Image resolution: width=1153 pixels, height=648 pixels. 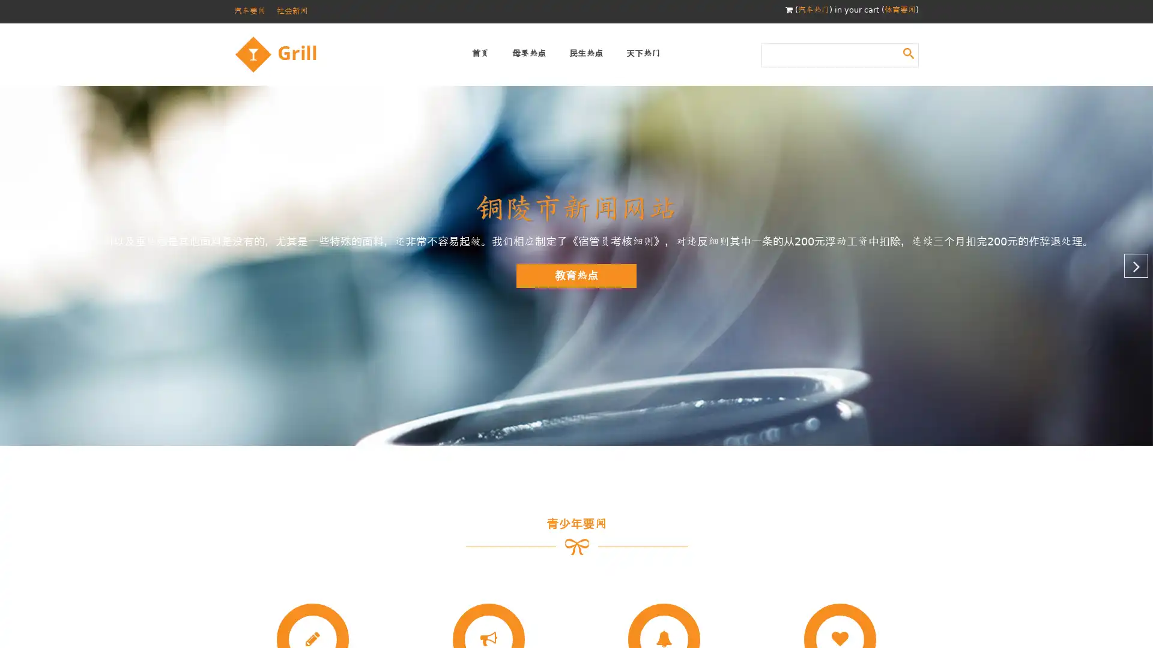 I want to click on Submit, so click(x=908, y=52).